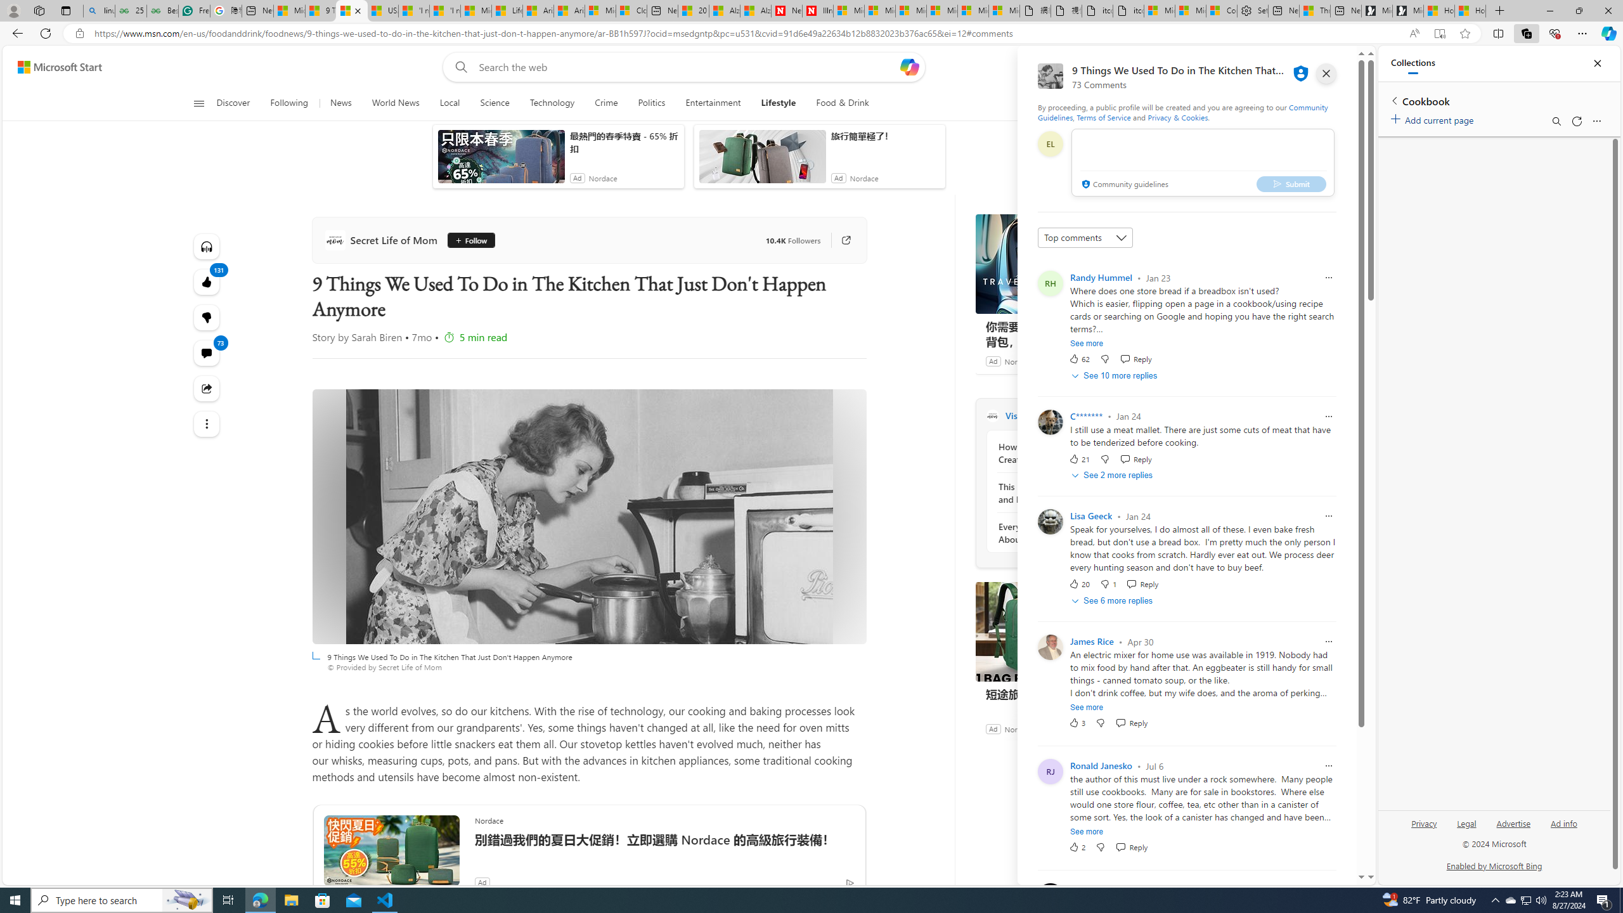  Describe the element at coordinates (1123, 185) in the screenshot. I see `'Community guidelines'` at that location.